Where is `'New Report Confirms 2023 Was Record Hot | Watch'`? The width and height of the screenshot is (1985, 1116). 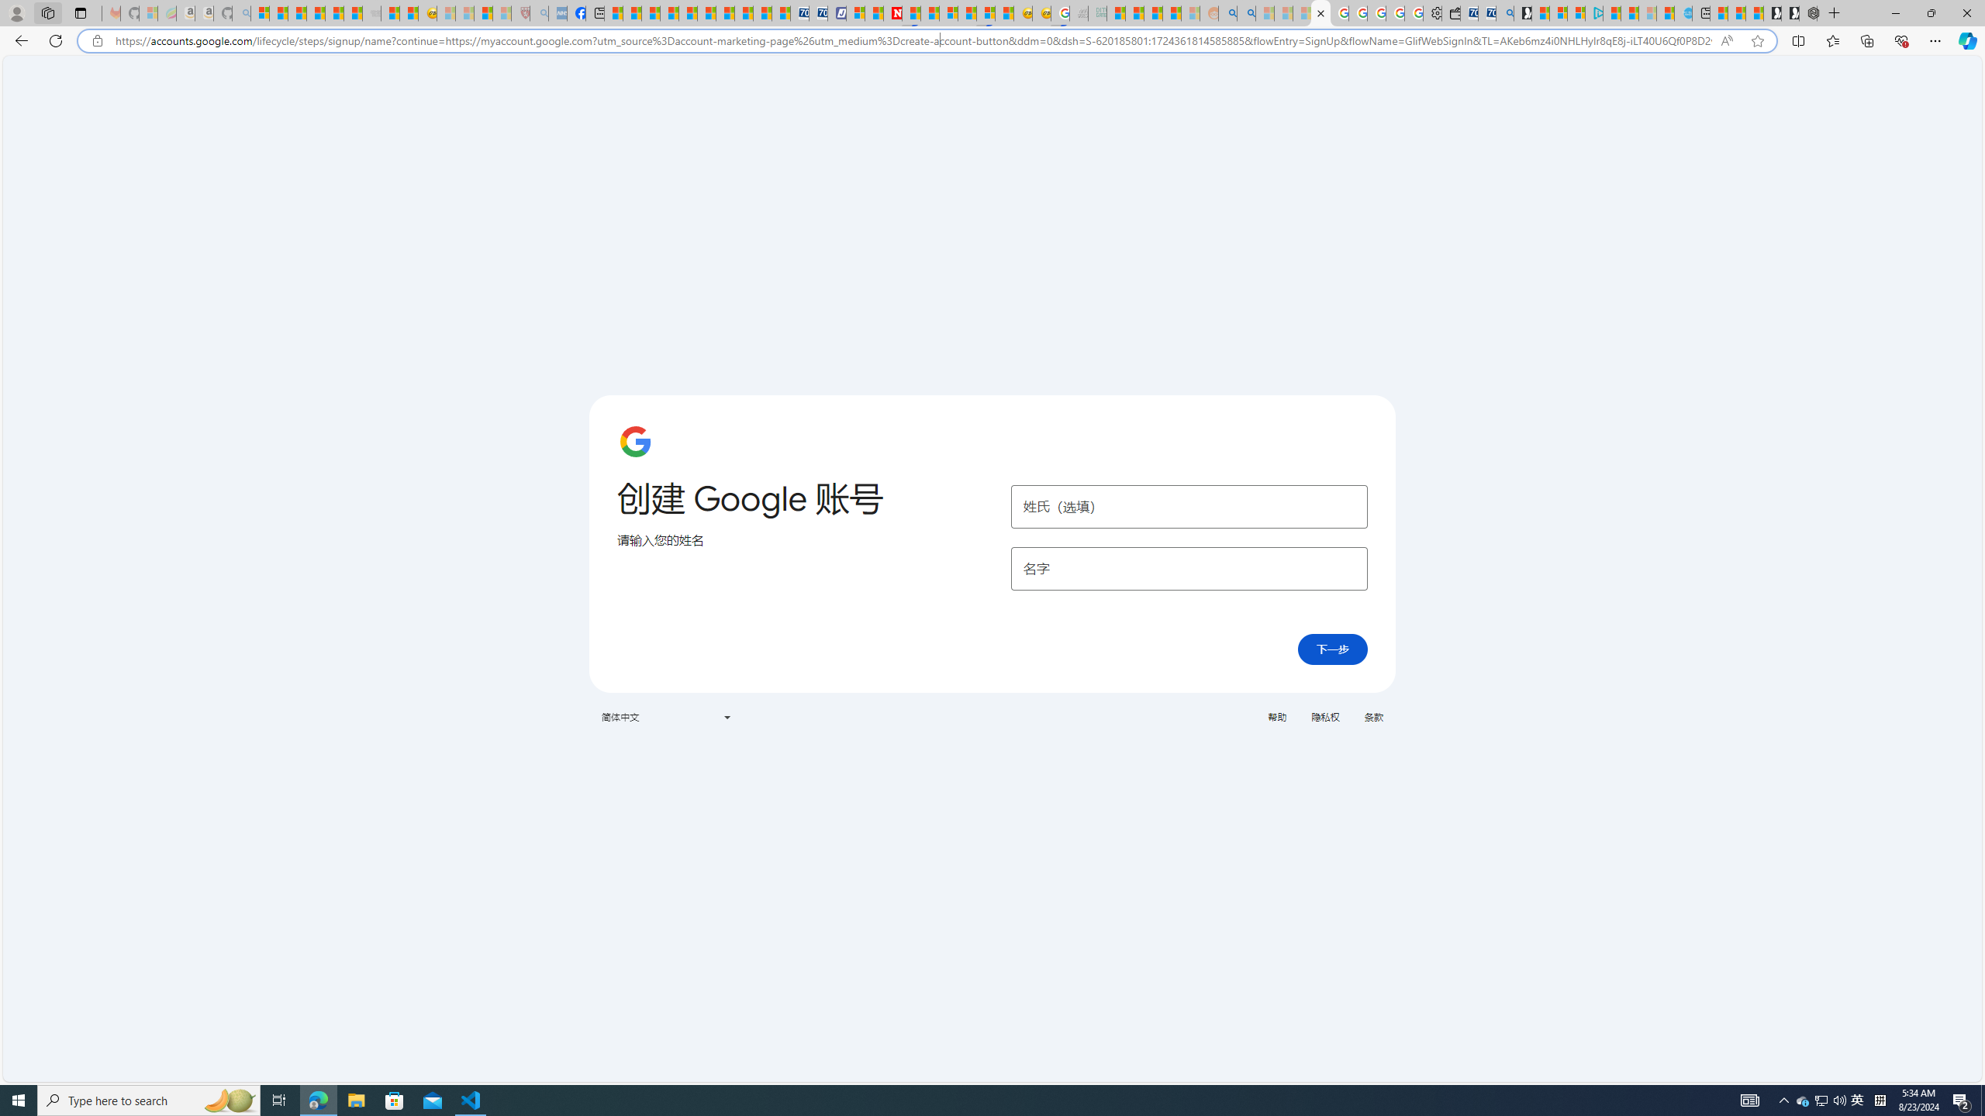 'New Report Confirms 2023 Was Record Hot | Watch' is located at coordinates (335, 12).